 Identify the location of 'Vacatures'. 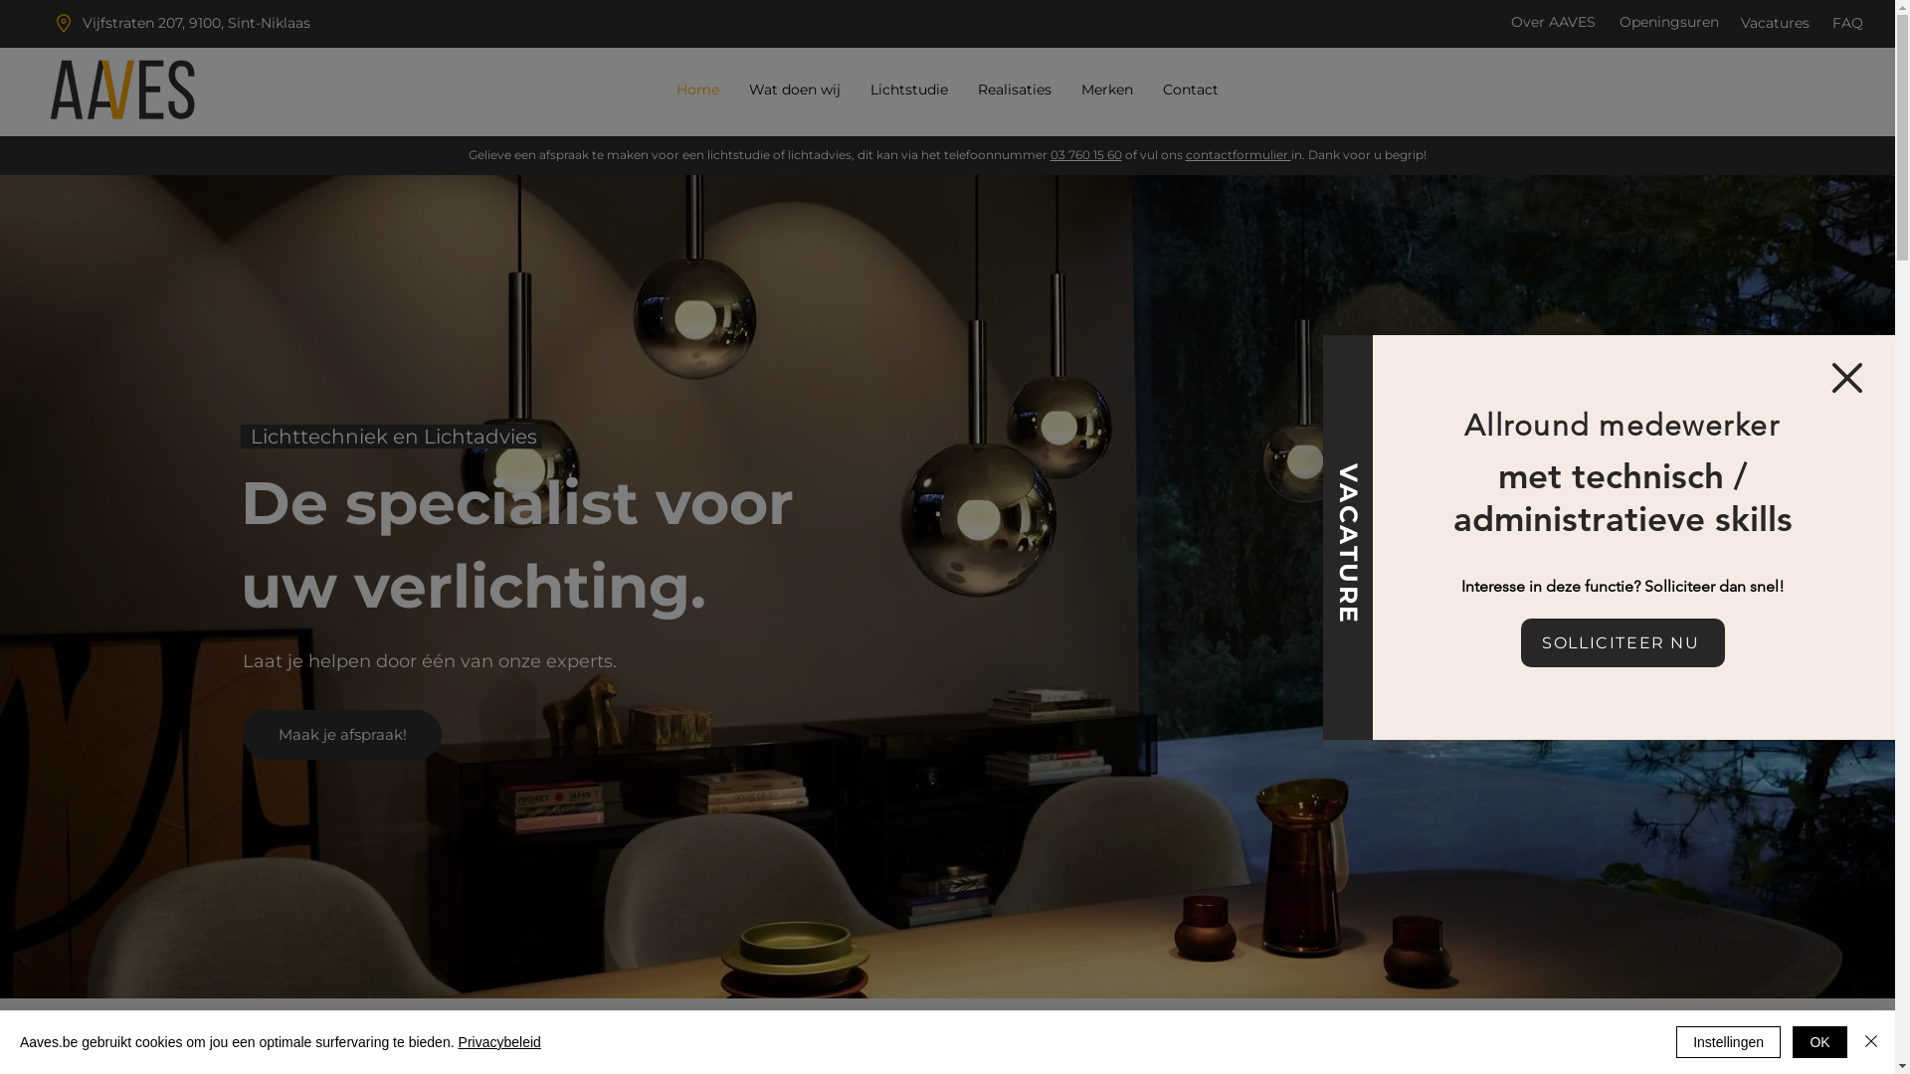
(1775, 23).